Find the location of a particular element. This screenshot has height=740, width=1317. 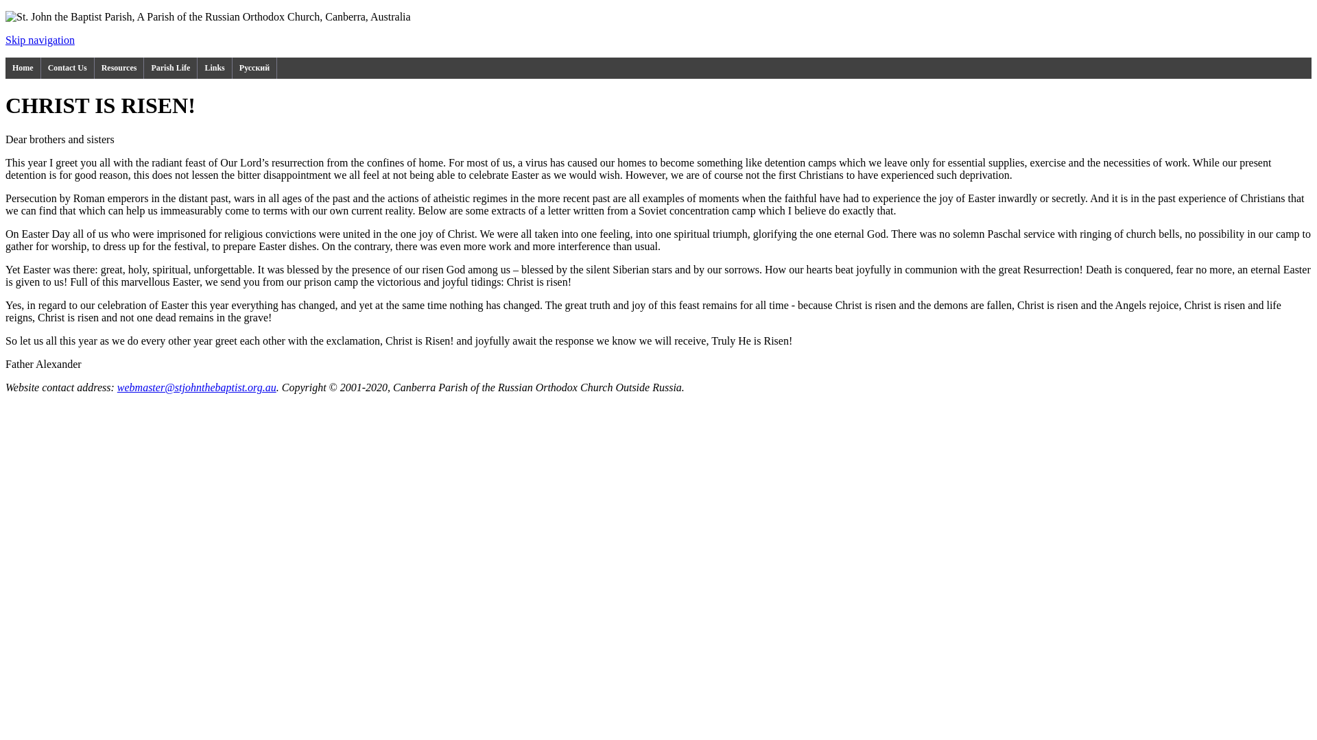

'Home' is located at coordinates (23, 68).